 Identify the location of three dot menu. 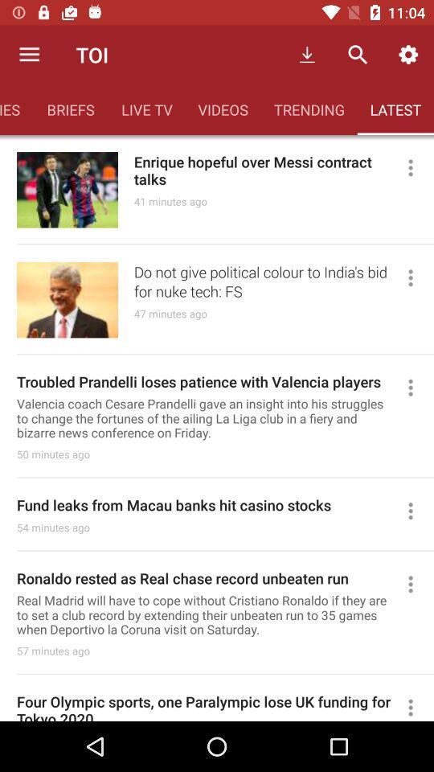
(417, 387).